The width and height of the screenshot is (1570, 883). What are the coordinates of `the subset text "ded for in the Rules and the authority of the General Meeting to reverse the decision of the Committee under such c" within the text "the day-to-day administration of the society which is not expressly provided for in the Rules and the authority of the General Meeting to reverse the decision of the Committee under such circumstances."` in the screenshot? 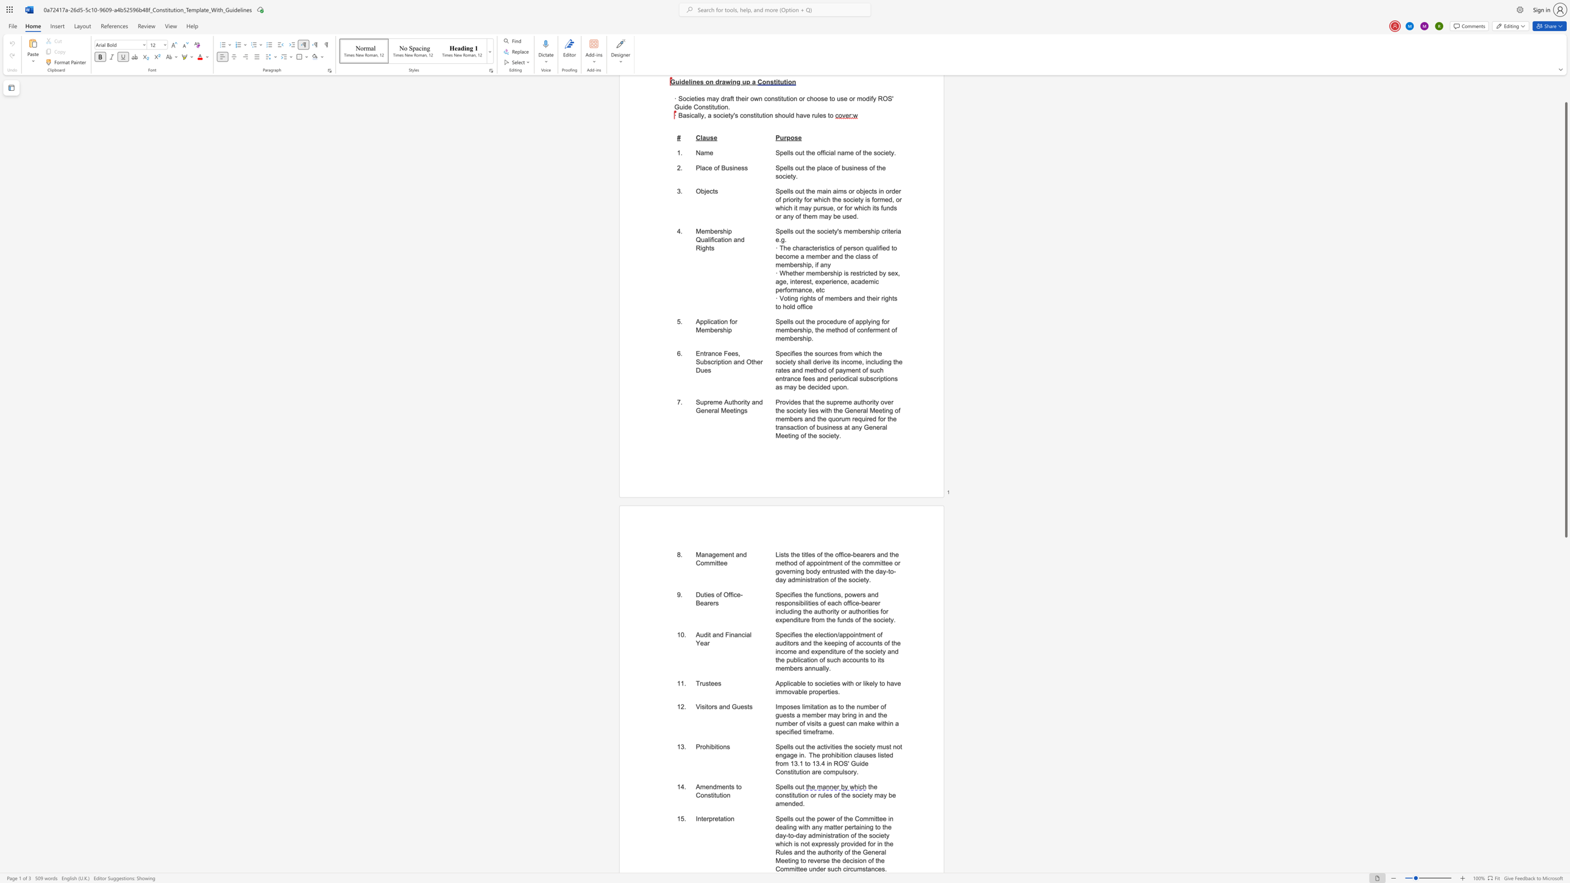 It's located at (855, 843).